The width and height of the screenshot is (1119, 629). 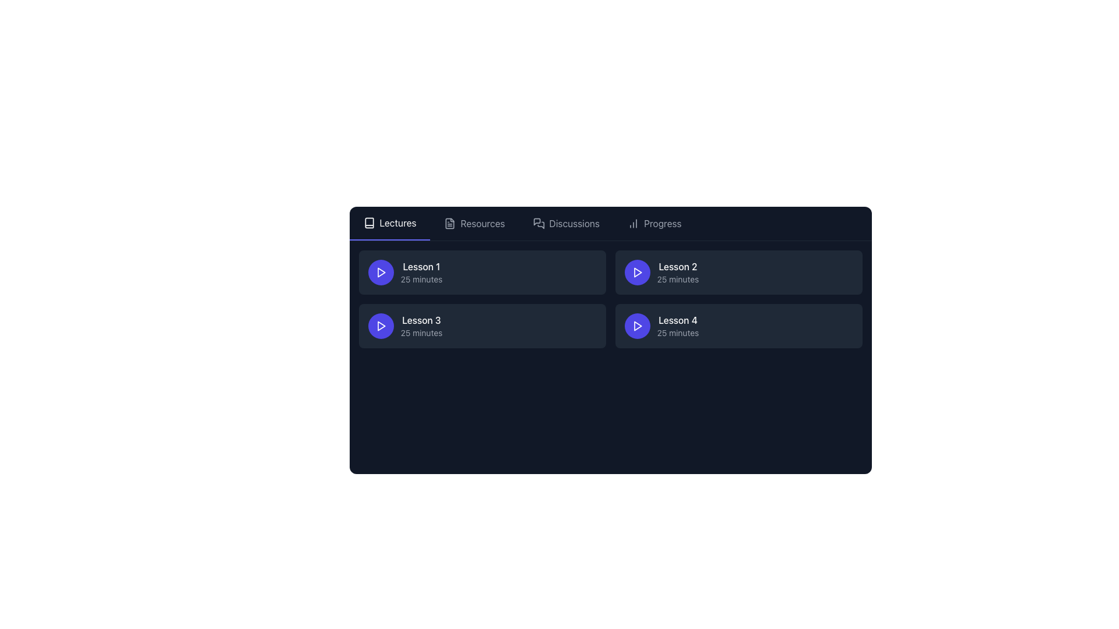 I want to click on the Text label displaying 'Lesson 3' and '25 minutes' which is located in the bottom-left card of a grid layout, so click(x=421, y=326).